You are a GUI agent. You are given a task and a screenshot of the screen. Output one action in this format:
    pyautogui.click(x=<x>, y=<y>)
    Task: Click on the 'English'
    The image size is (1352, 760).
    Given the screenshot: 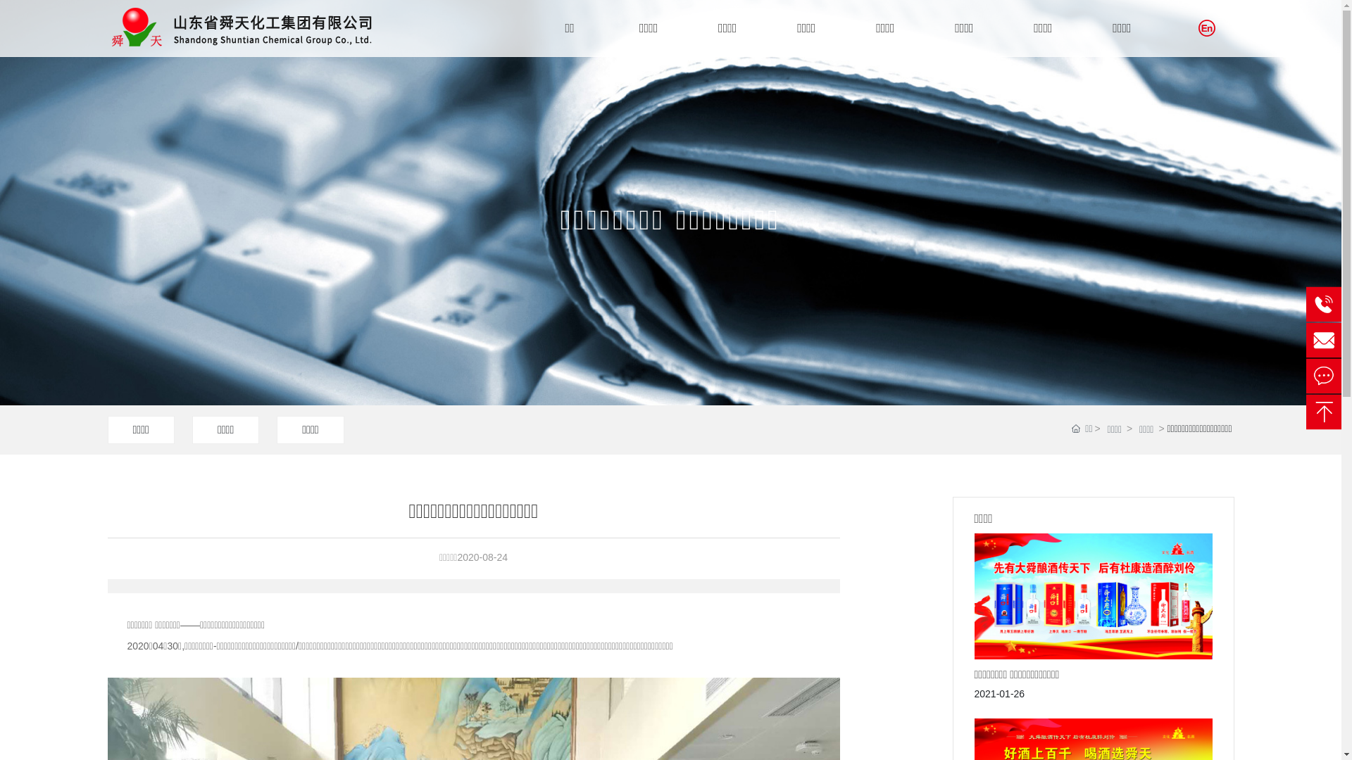 What is the action you would take?
    pyautogui.click(x=1206, y=27)
    